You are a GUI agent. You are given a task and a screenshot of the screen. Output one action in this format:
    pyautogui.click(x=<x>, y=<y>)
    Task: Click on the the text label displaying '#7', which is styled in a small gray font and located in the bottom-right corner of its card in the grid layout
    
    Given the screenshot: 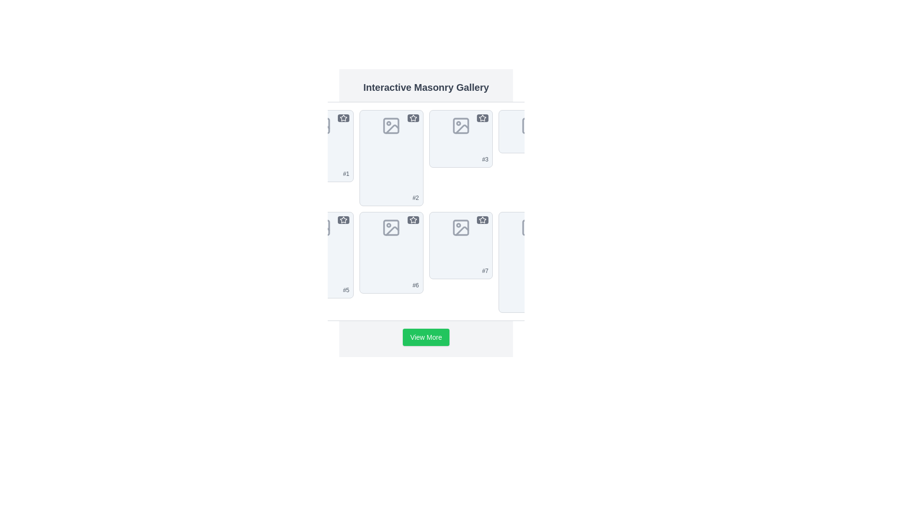 What is the action you would take?
    pyautogui.click(x=485, y=271)
    